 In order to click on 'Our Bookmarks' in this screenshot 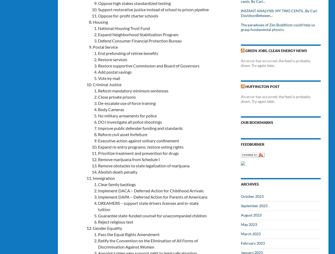, I will do `click(257, 122)`.